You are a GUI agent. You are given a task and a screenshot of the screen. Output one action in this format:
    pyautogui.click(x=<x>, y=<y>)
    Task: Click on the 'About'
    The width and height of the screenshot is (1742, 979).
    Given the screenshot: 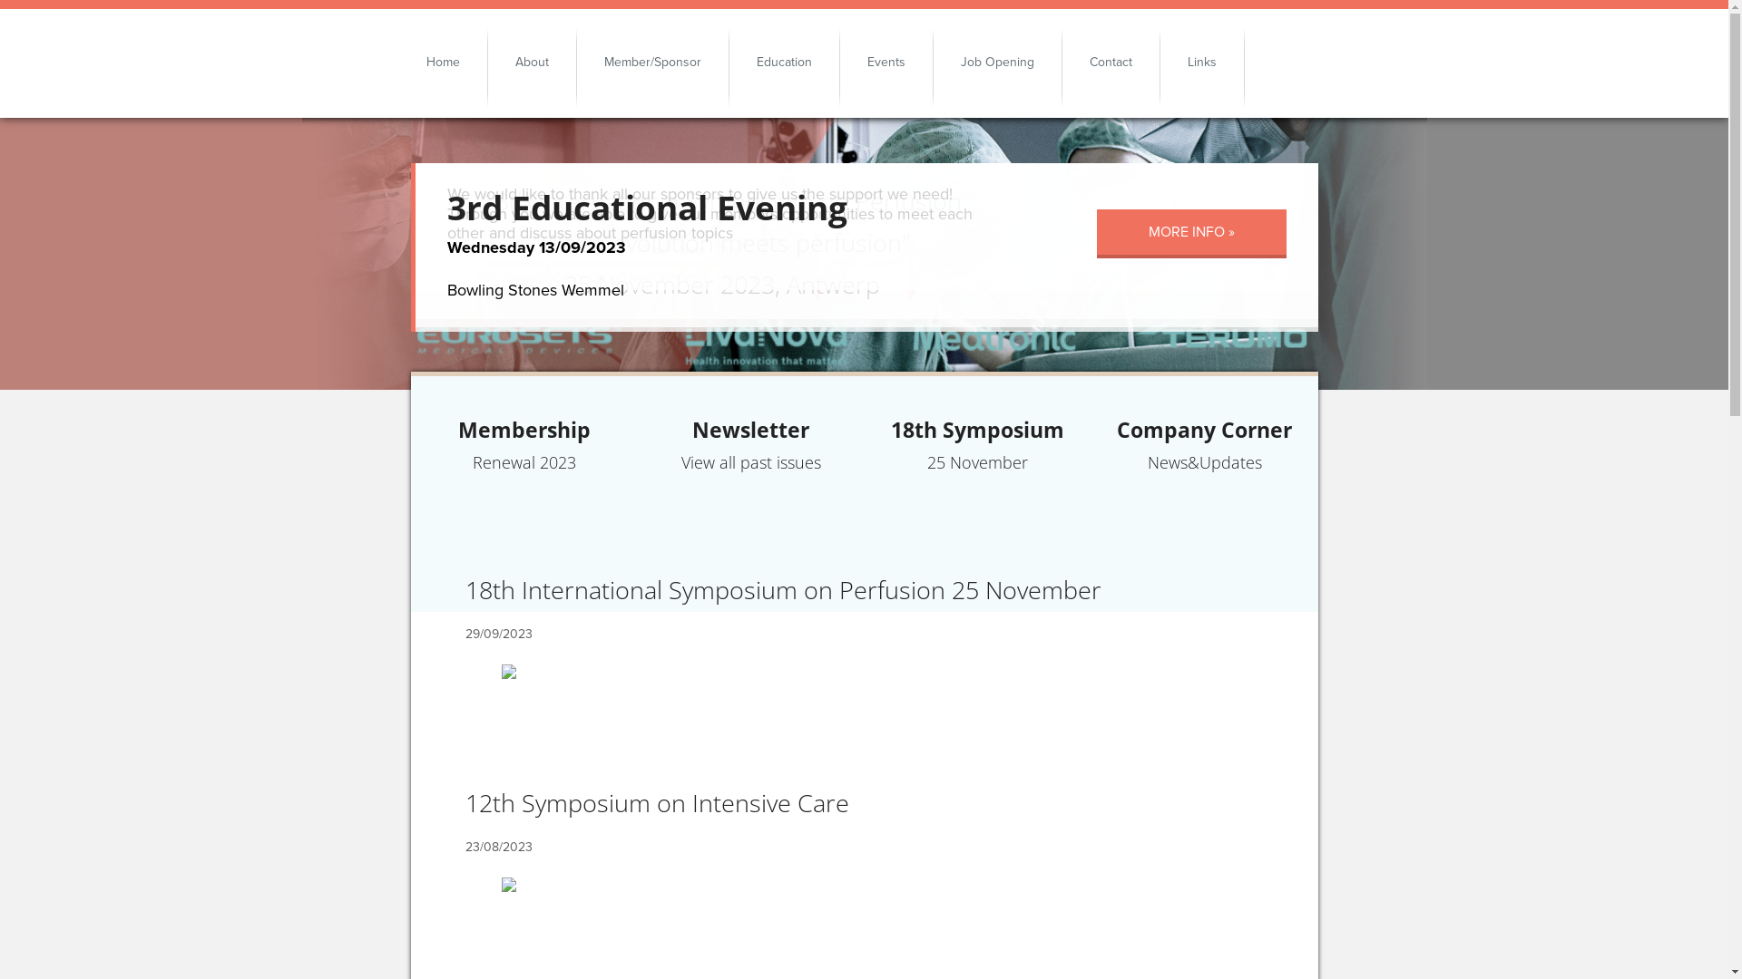 What is the action you would take?
    pyautogui.click(x=531, y=61)
    